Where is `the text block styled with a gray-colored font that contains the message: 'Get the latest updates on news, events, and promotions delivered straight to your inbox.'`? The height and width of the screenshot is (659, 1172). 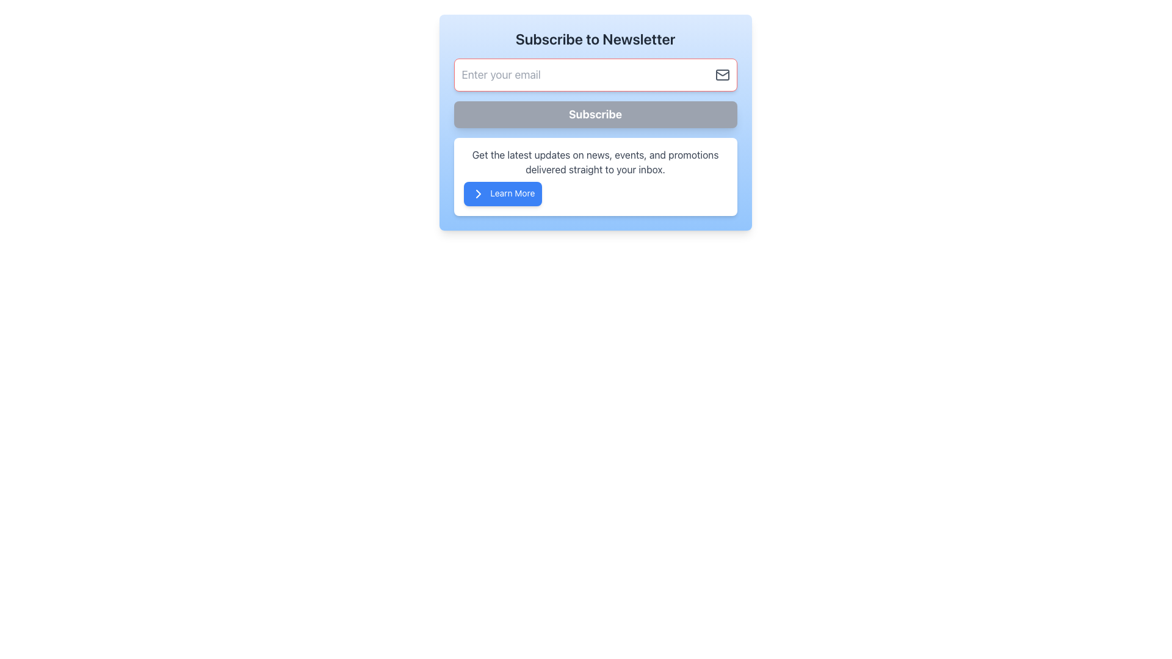 the text block styled with a gray-colored font that contains the message: 'Get the latest updates on news, events, and promotions delivered straight to your inbox.' is located at coordinates (595, 162).